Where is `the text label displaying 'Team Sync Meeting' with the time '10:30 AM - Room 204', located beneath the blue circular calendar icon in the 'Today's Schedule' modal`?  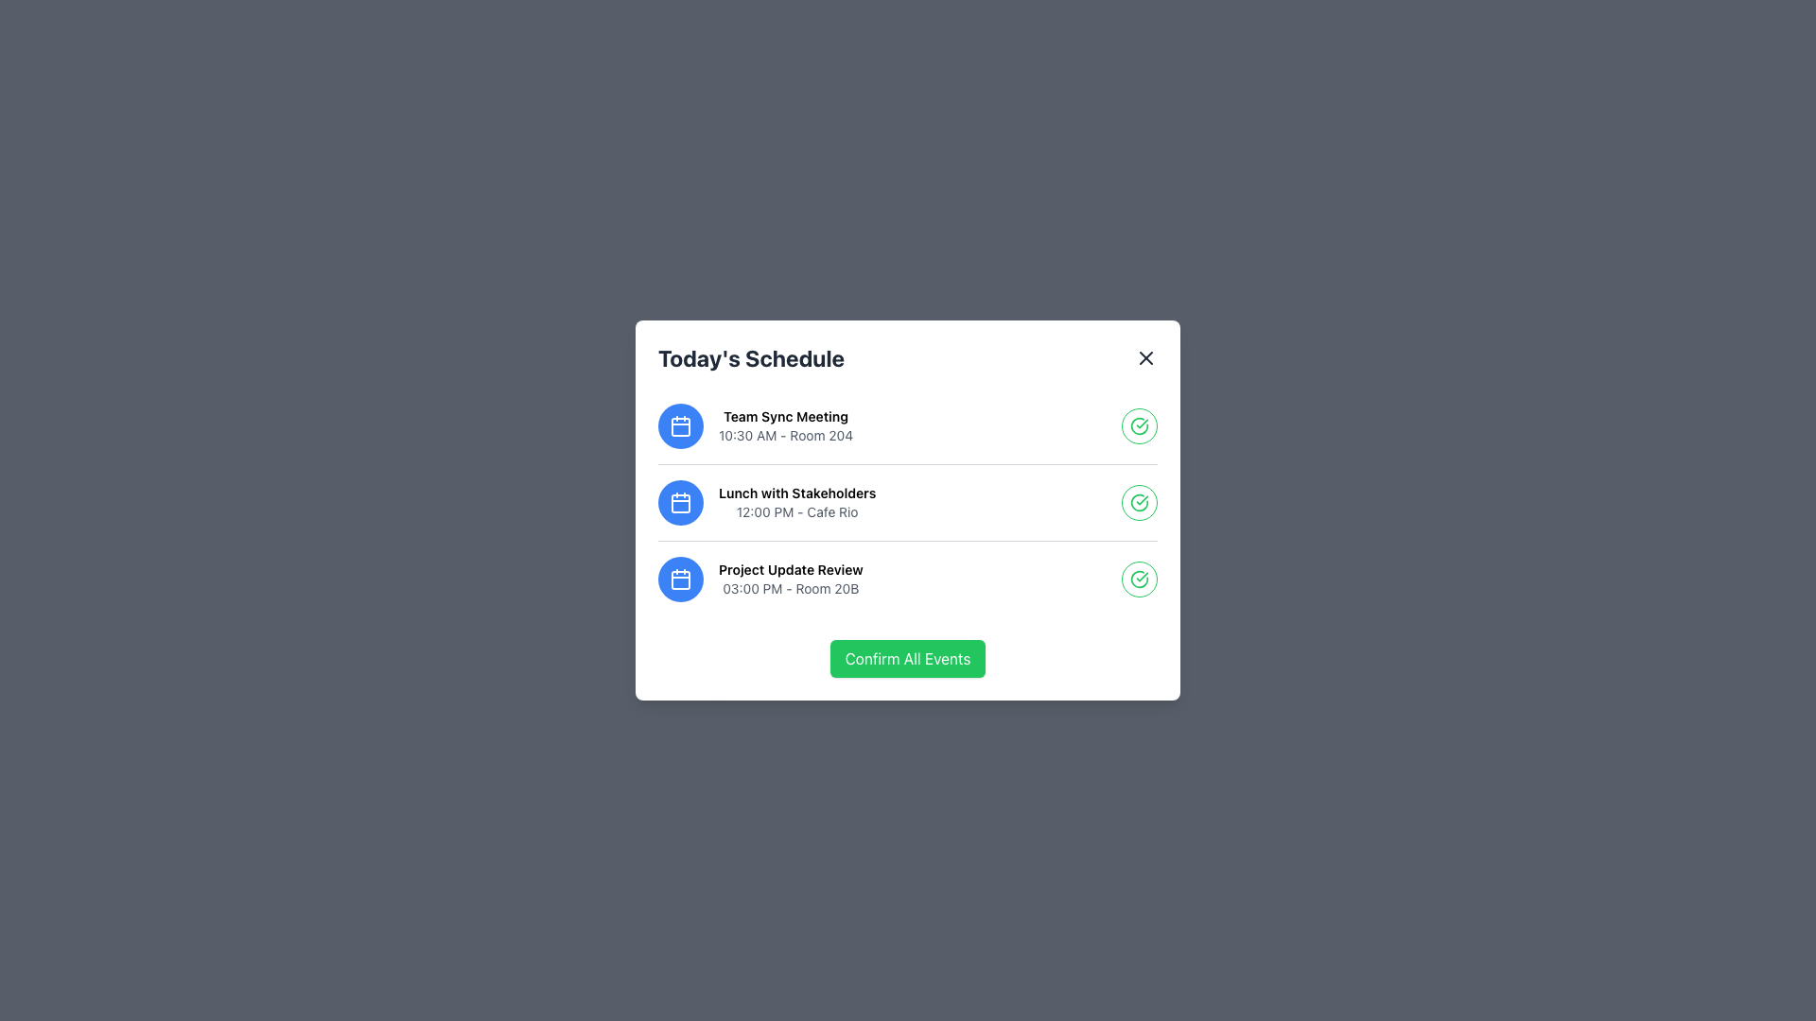
the text label displaying 'Team Sync Meeting' with the time '10:30 AM - Room 204', located beneath the blue circular calendar icon in the 'Today's Schedule' modal is located at coordinates (785, 426).